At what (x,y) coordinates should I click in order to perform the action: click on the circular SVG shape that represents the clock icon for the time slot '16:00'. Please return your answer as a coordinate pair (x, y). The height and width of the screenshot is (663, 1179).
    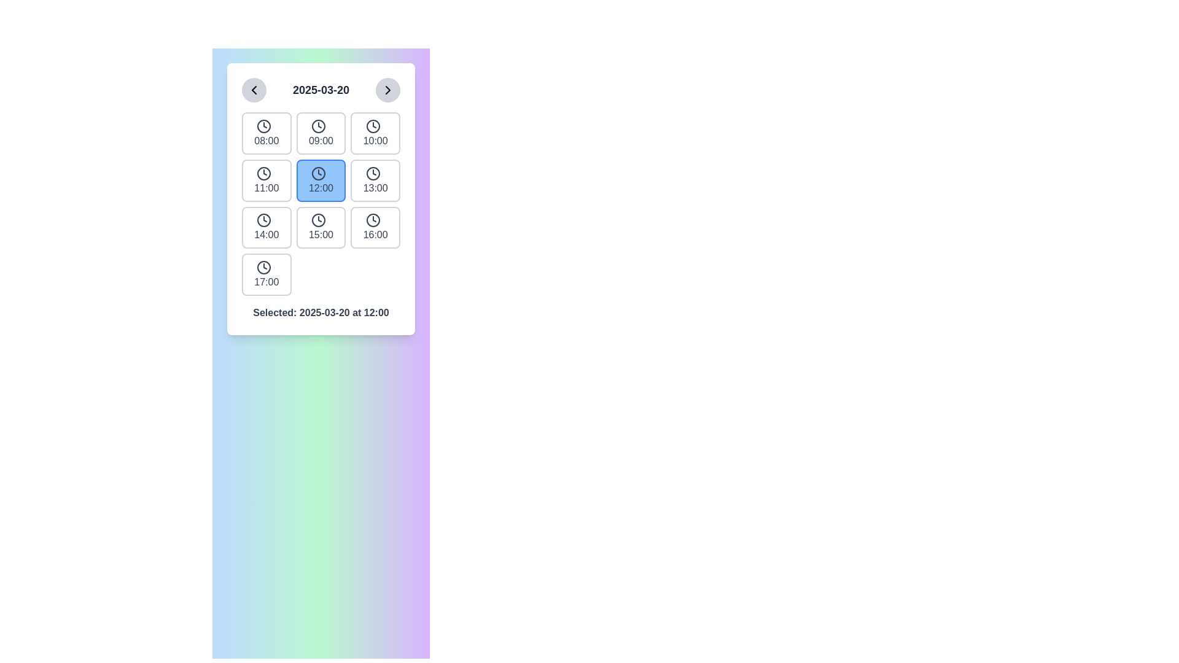
    Looking at the image, I should click on (372, 220).